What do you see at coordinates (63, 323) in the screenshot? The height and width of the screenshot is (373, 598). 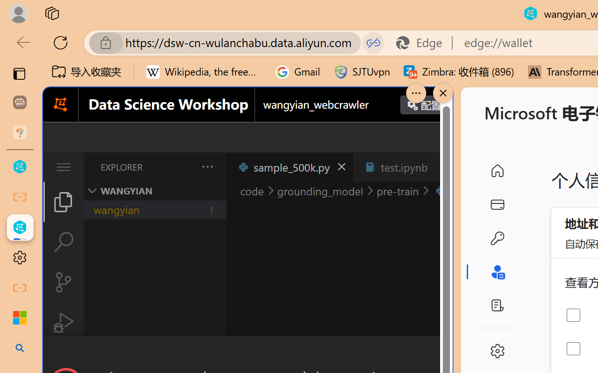 I see `'Run and Debug (Ctrl+Shift+D)'` at bounding box center [63, 323].